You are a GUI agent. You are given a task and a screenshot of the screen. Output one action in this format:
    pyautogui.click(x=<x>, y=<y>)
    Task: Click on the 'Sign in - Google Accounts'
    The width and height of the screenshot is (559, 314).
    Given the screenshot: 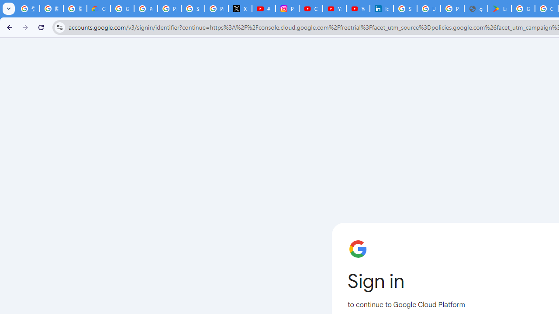 What is the action you would take?
    pyautogui.click(x=405, y=9)
    